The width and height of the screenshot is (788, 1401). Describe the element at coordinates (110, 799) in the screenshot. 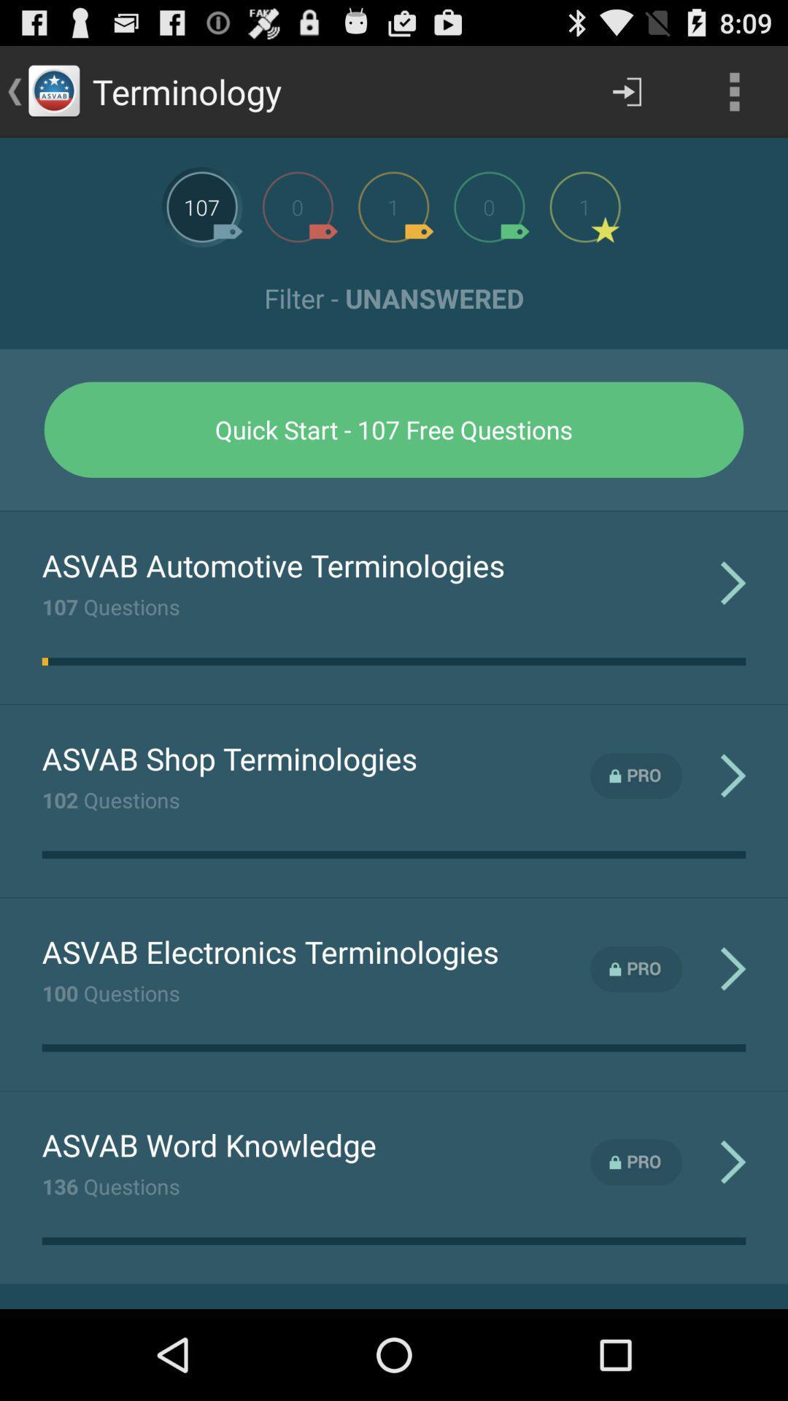

I see `102 questions` at that location.